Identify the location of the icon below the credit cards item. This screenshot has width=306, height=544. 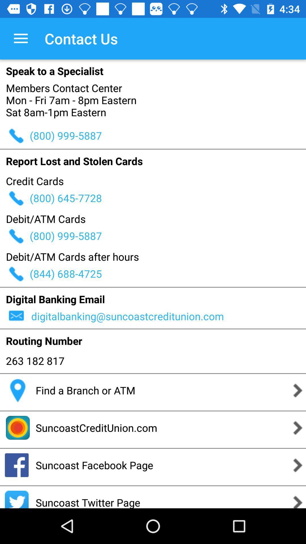
(167, 198).